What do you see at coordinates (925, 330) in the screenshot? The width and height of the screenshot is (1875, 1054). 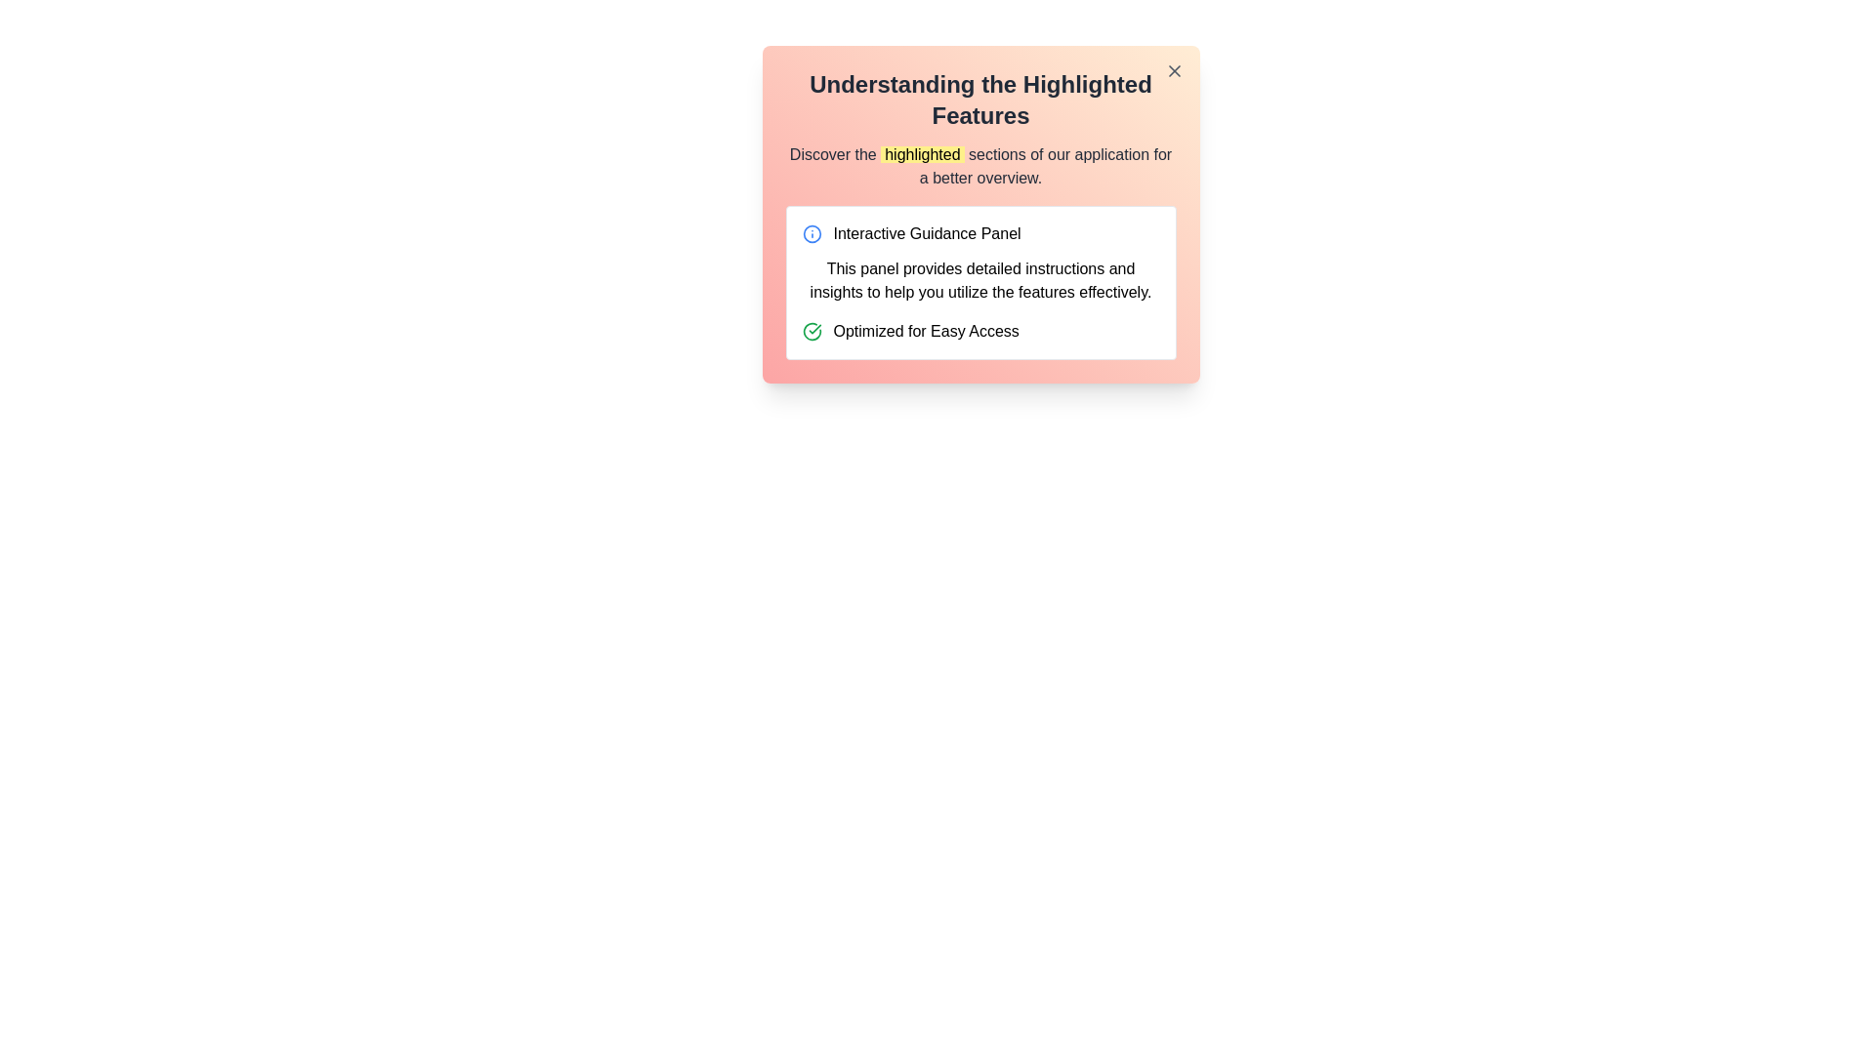 I see `the text label displaying 'Optimized for Easy Access', which is styled in black font on a white background, located within a pop-up panel` at bounding box center [925, 330].